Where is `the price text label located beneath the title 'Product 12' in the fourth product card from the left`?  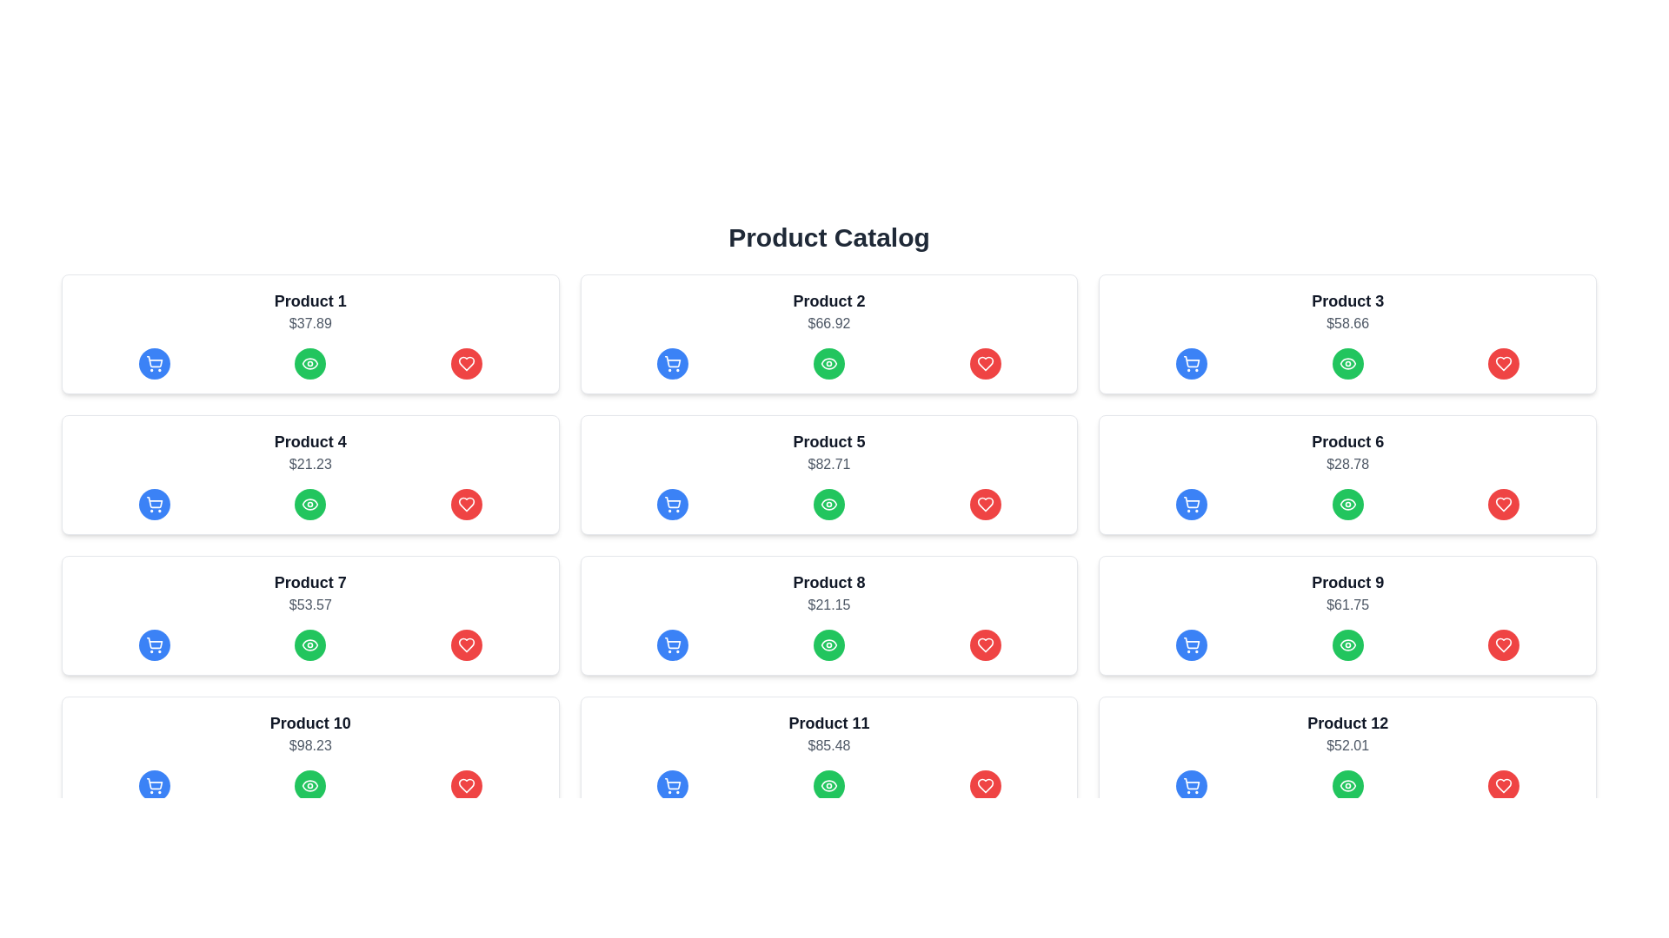 the price text label located beneath the title 'Product 12' in the fourth product card from the left is located at coordinates (1347, 745).